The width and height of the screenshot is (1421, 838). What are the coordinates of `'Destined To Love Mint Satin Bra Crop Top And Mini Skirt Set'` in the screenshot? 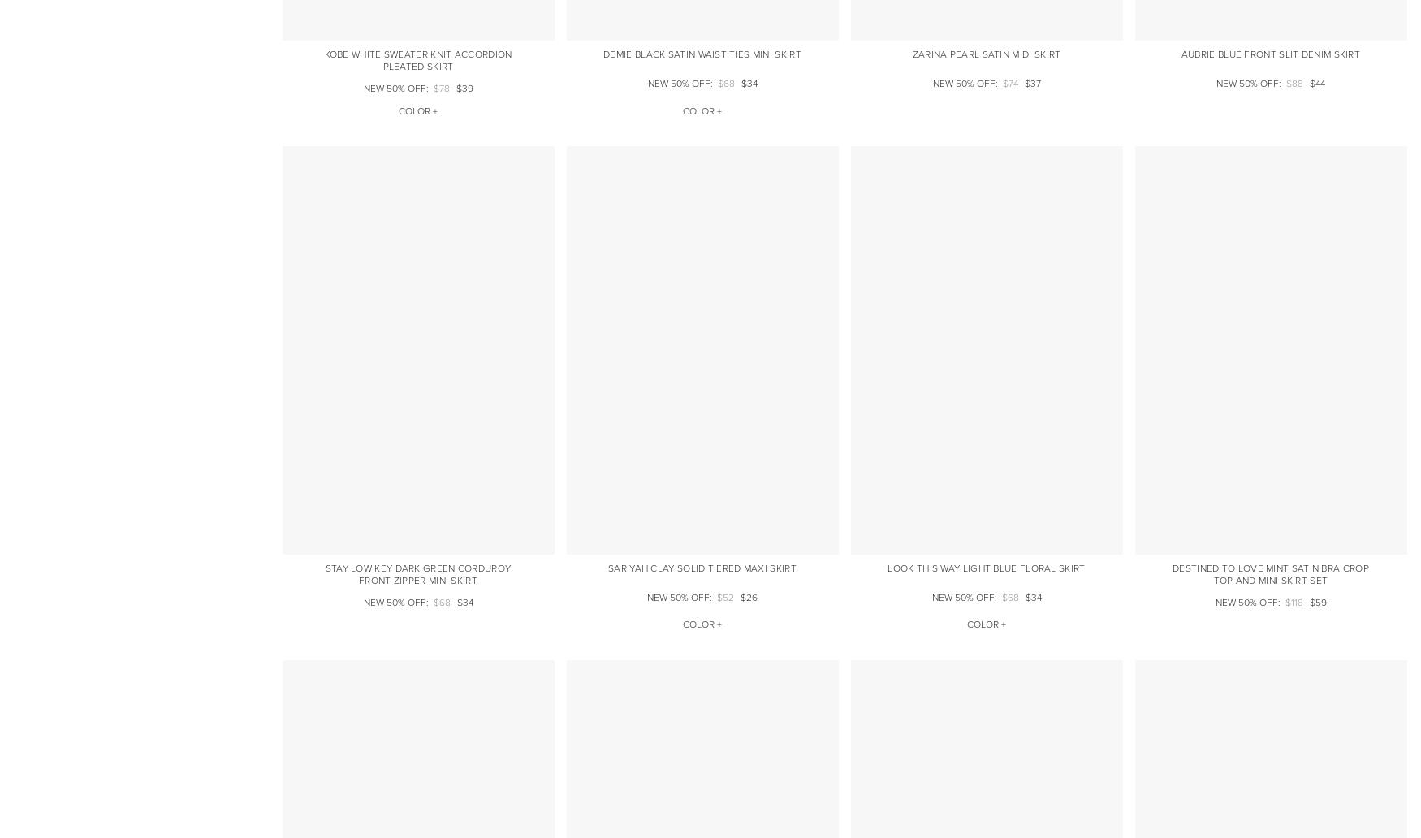 It's located at (1270, 573).